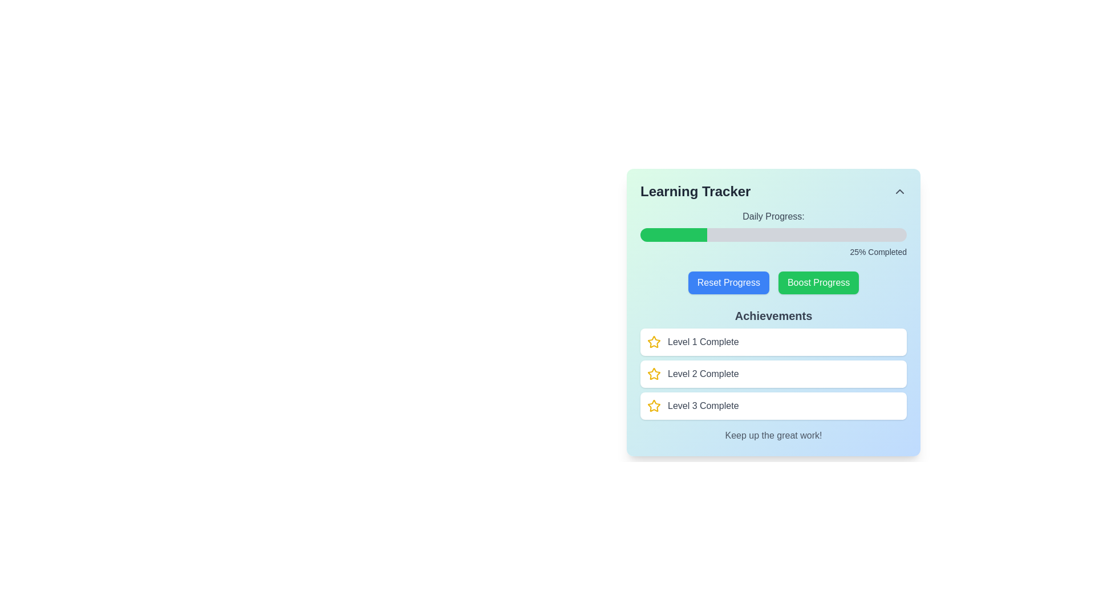 The image size is (1095, 616). What do you see at coordinates (773, 406) in the screenshot?
I see `the informational card displaying the completion status of 'Level 3' in the achievements section` at bounding box center [773, 406].